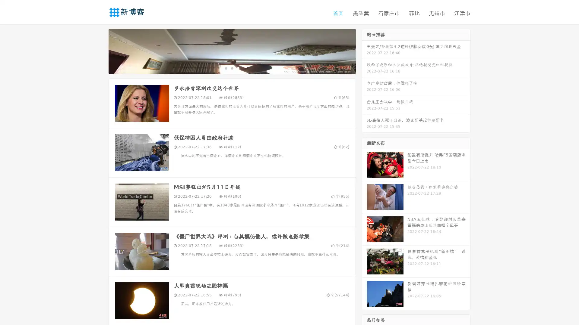 The image size is (579, 325). Describe the element at coordinates (226, 68) in the screenshot. I see `Go to slide 1` at that location.